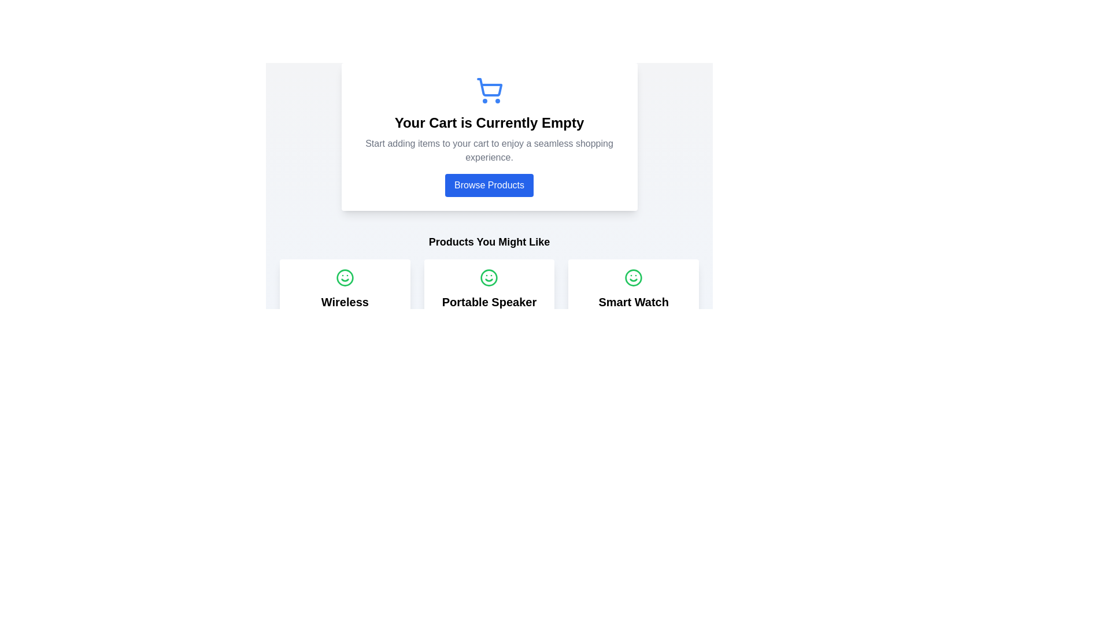 The width and height of the screenshot is (1110, 624). Describe the element at coordinates (344, 278) in the screenshot. I see `the green circular outline of the smiling face icon located inside the 'Wireless' item box under the 'Products You Might Like' section` at that location.